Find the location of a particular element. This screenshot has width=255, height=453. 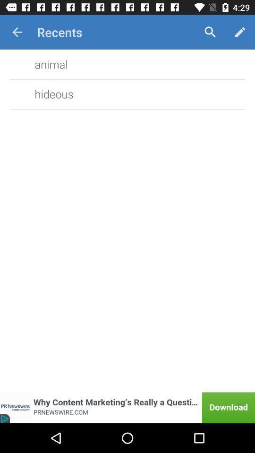

the content in the advertisement is located at coordinates (127, 407).